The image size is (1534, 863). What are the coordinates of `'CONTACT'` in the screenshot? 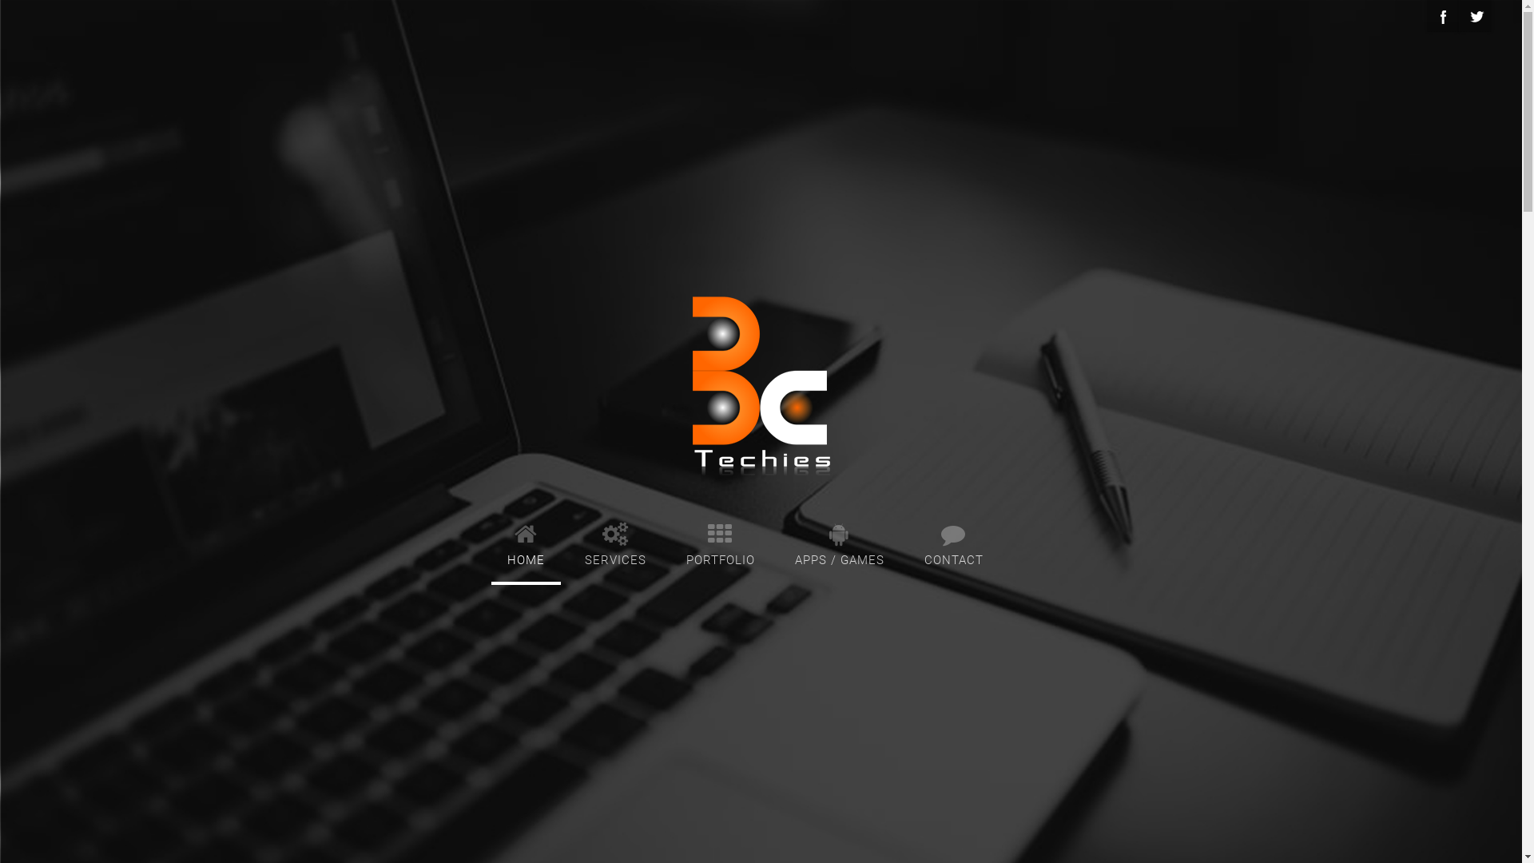 It's located at (953, 541).